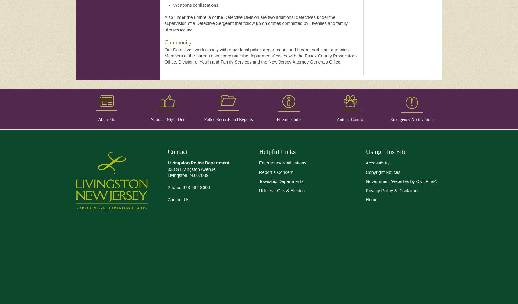 The height and width of the screenshot is (304, 518). Describe the element at coordinates (365, 163) in the screenshot. I see `'Accessibility'` at that location.